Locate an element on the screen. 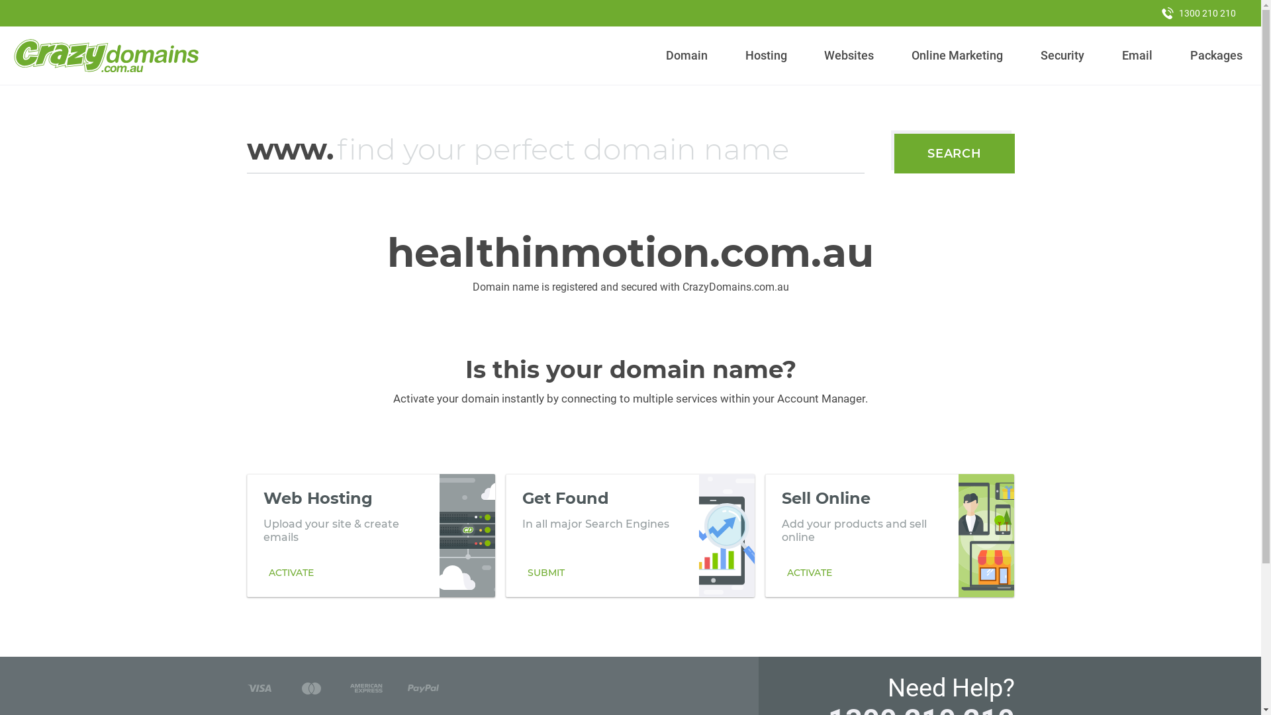 The image size is (1271, 715). 'Security' is located at coordinates (1062, 55).